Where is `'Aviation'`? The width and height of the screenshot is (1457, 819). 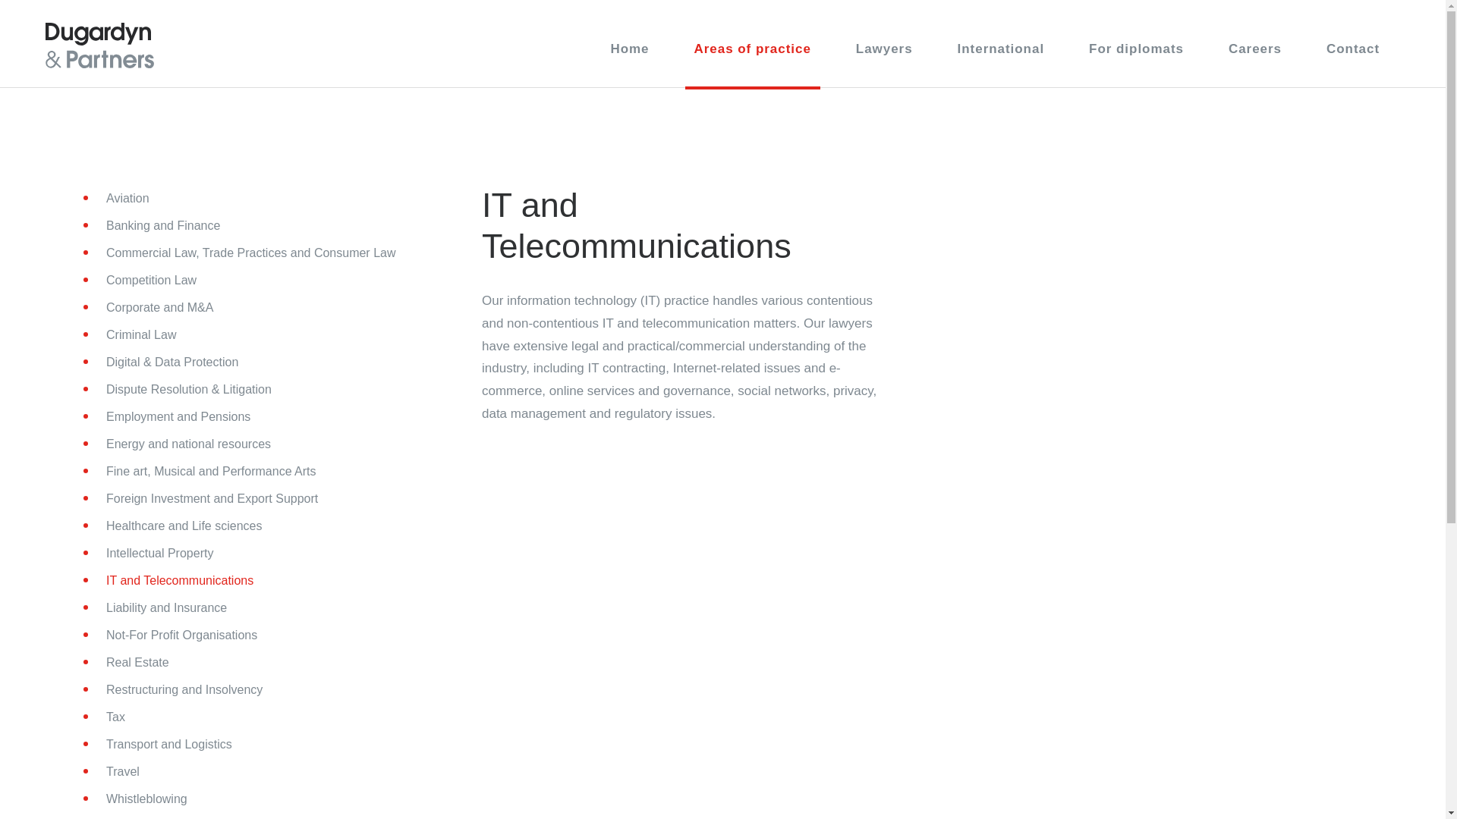 'Aviation' is located at coordinates (117, 198).